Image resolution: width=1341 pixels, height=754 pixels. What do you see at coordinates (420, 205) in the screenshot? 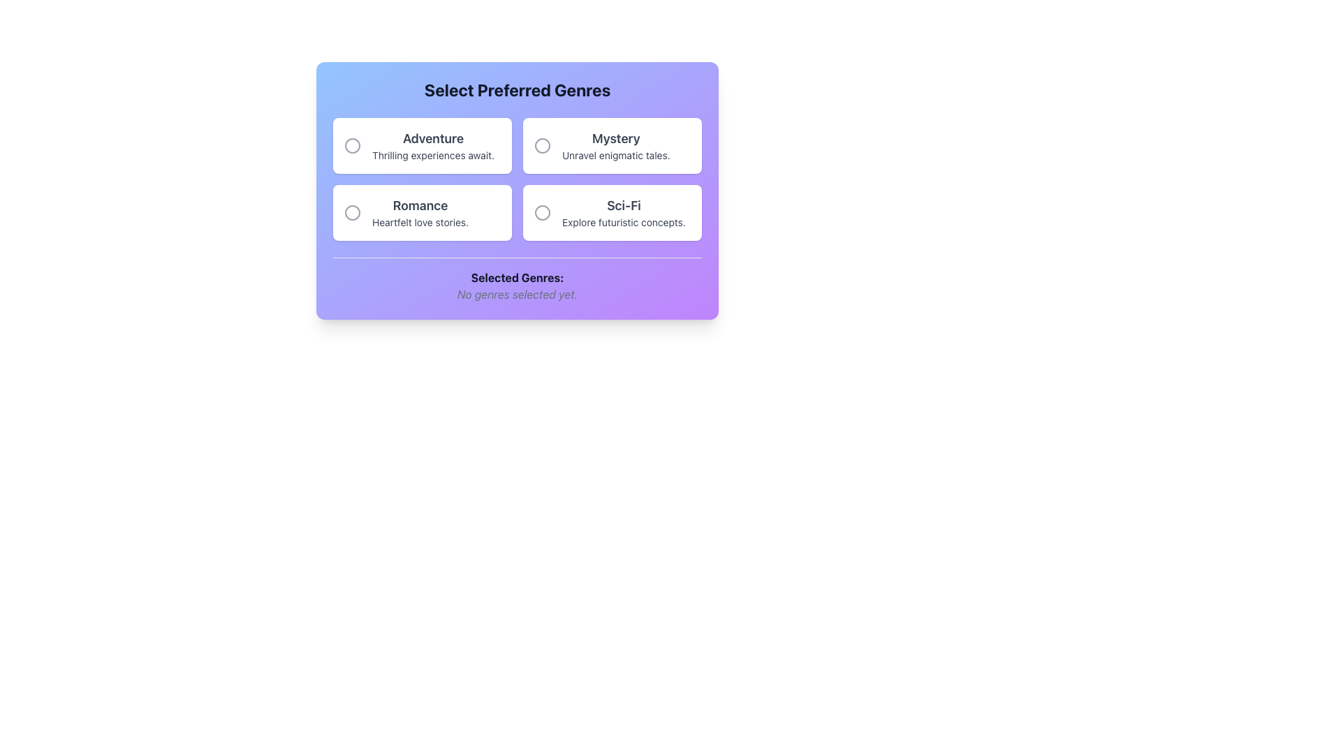
I see `the 'Romance' text label which is styled in bold and larger font, located in the first column of the second row within a genre selection panel` at bounding box center [420, 205].